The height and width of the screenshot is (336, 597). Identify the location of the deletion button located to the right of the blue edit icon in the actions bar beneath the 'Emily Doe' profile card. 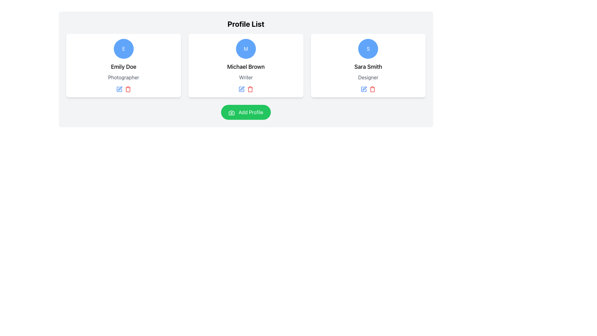
(127, 89).